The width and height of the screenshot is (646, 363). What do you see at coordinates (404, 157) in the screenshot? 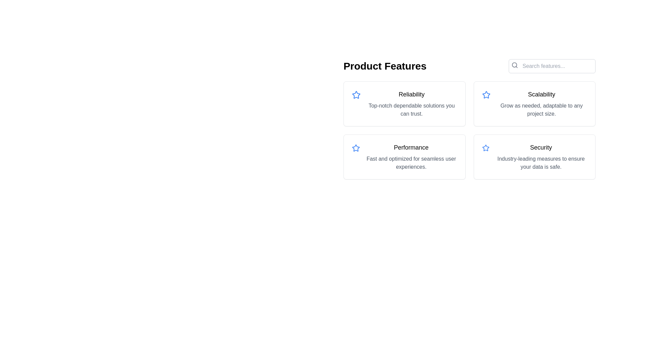
I see `the Information Card that presents details about the 'Performance' feature, located in the bottom-left of the 2x2 grid layout` at bounding box center [404, 157].